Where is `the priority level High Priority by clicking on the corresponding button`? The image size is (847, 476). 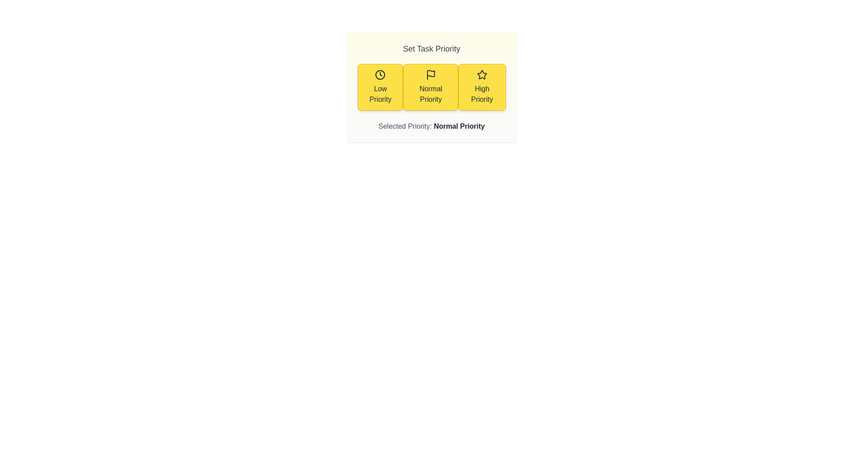 the priority level High Priority by clicking on the corresponding button is located at coordinates (482, 87).